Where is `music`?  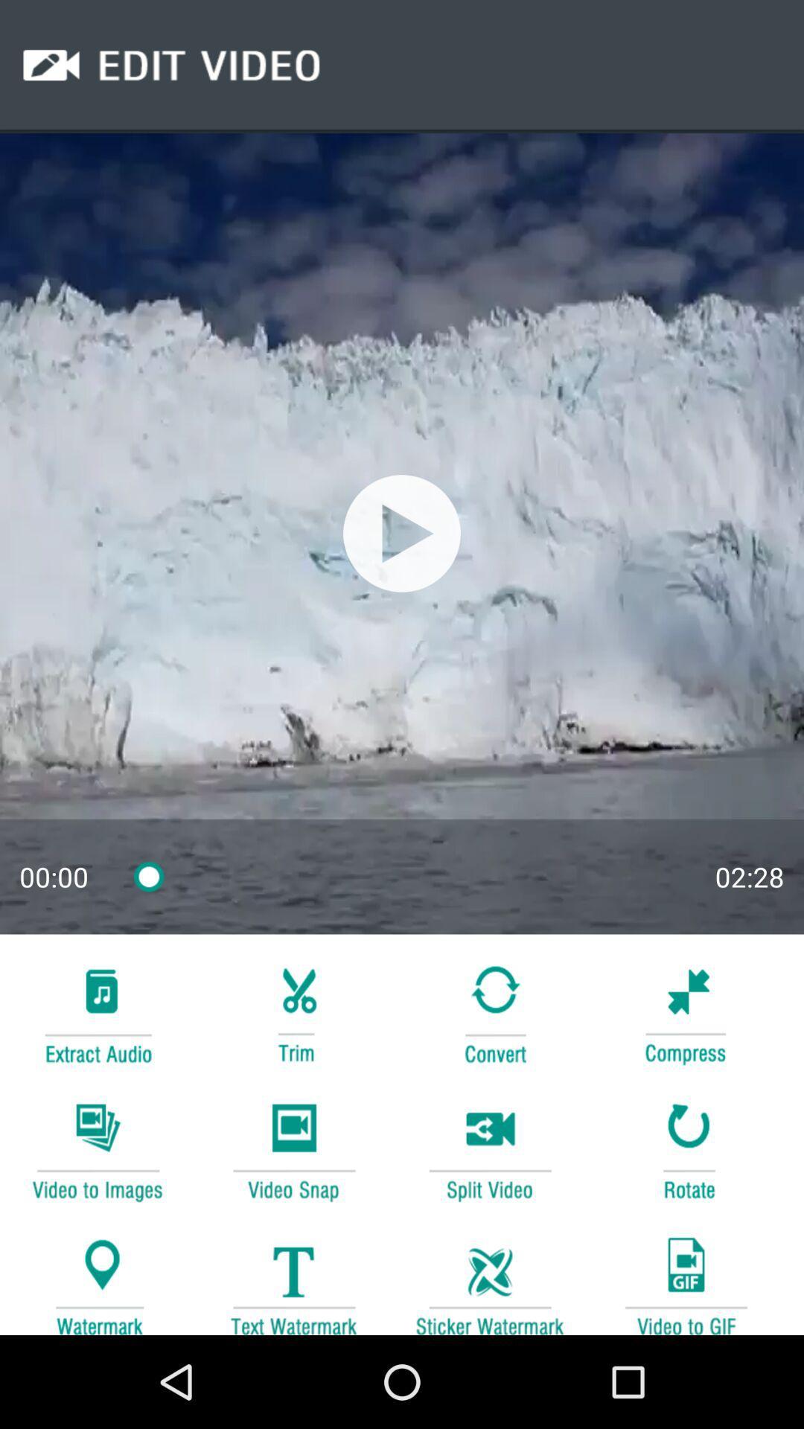
music is located at coordinates (98, 1012).